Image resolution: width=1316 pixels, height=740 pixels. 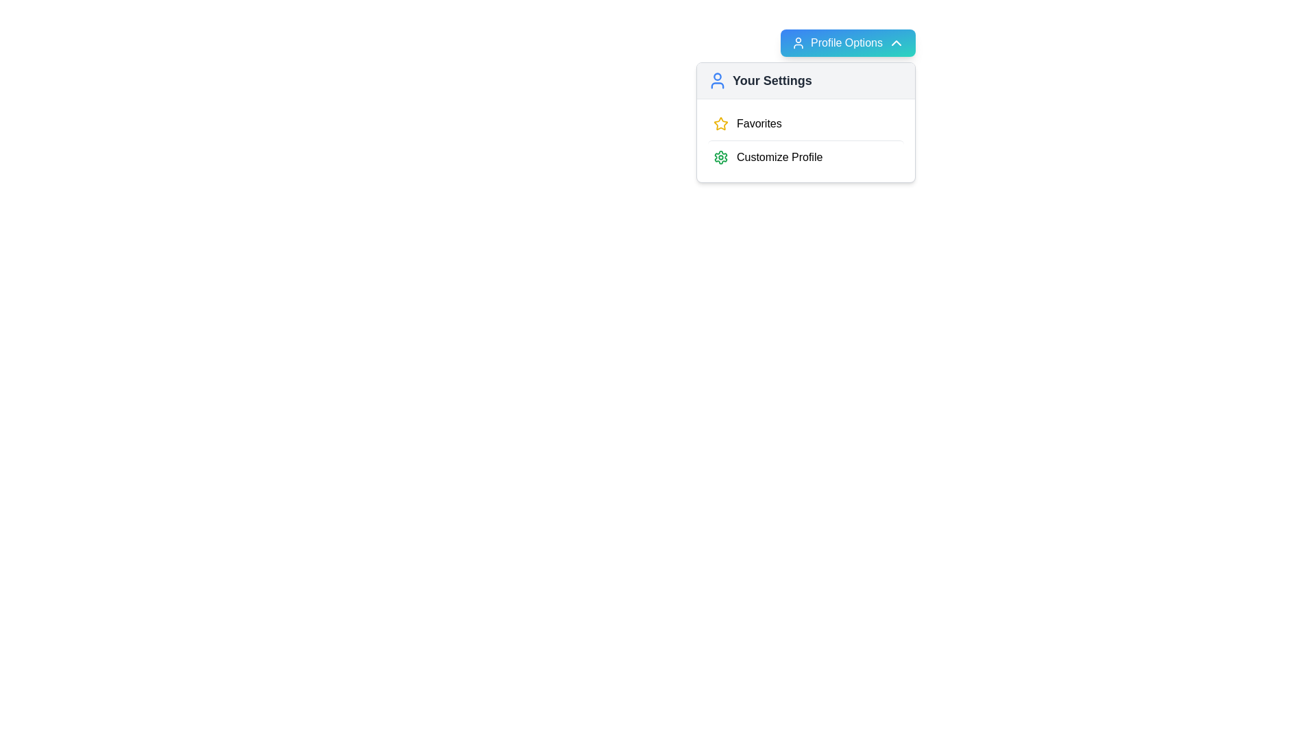 I want to click on the 'Customize Profile' button, which is a rectangular button with a green settings icon and black text, located in the 'Your Settings' dropdown menu, so click(x=806, y=156).